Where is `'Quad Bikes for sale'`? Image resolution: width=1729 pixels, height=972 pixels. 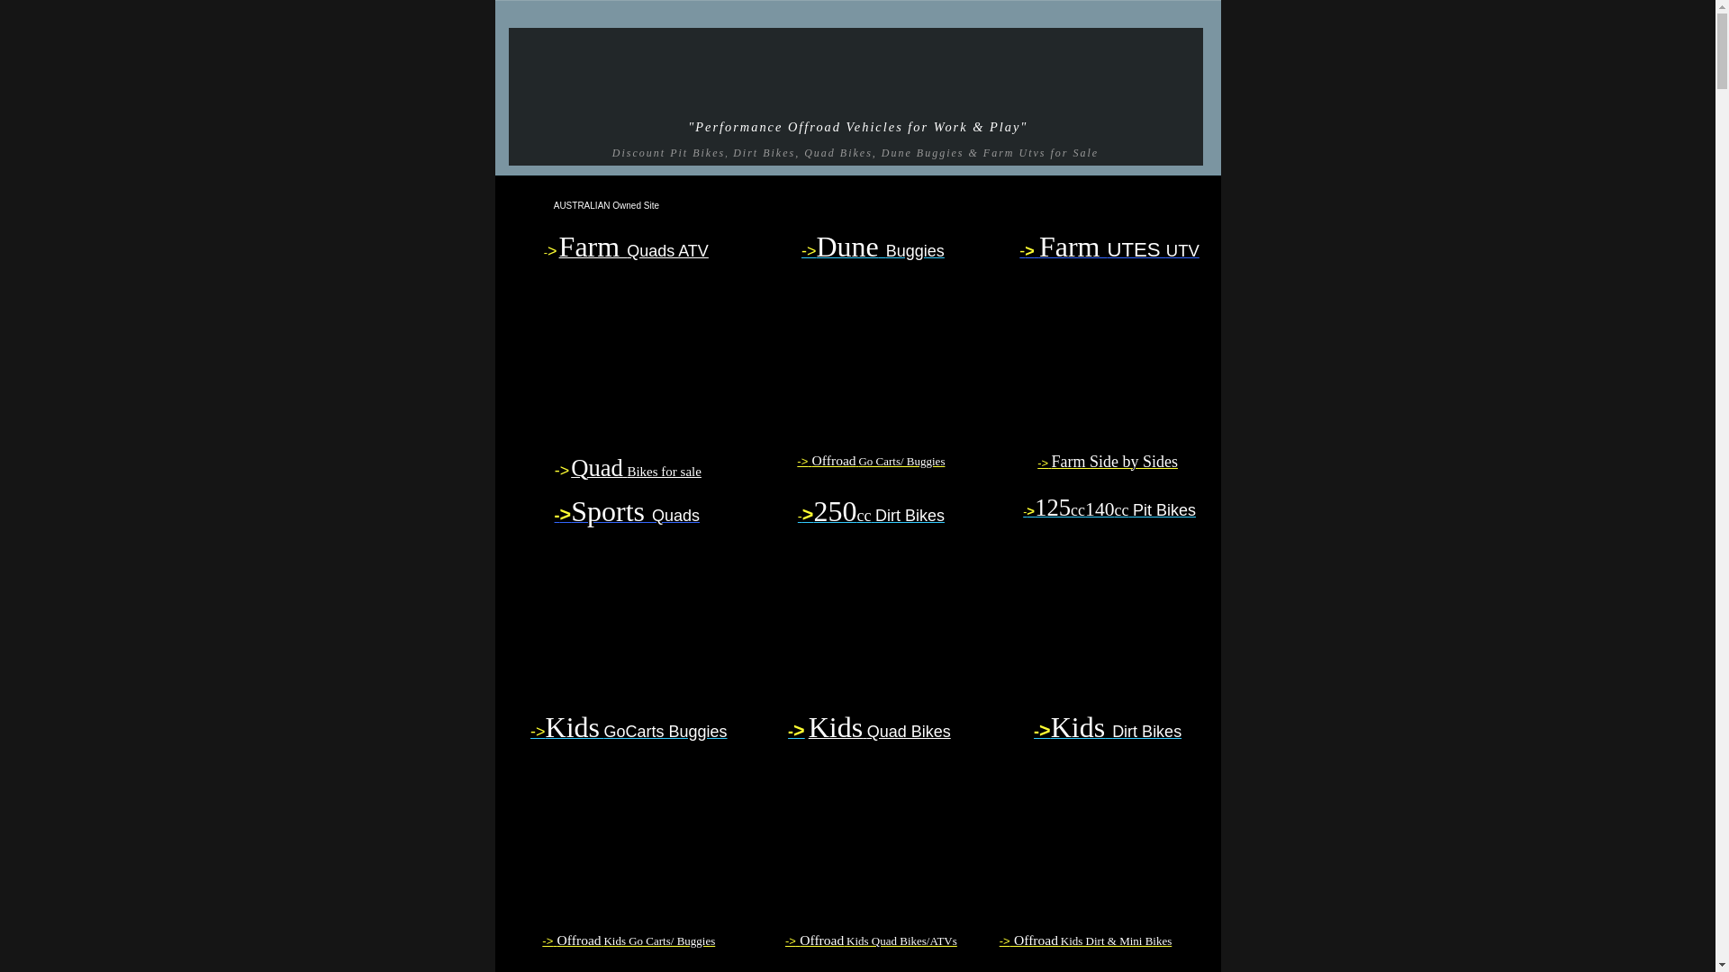
'Quad Bikes for sale' is located at coordinates (636, 470).